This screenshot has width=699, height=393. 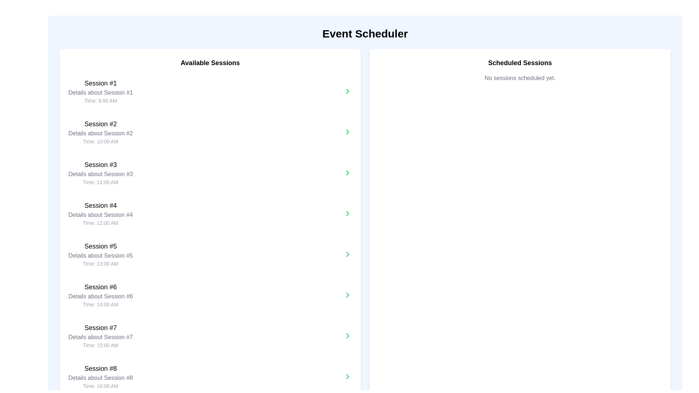 I want to click on the Chevron Navigation Icon associated with 'Session #7', so click(x=347, y=336).